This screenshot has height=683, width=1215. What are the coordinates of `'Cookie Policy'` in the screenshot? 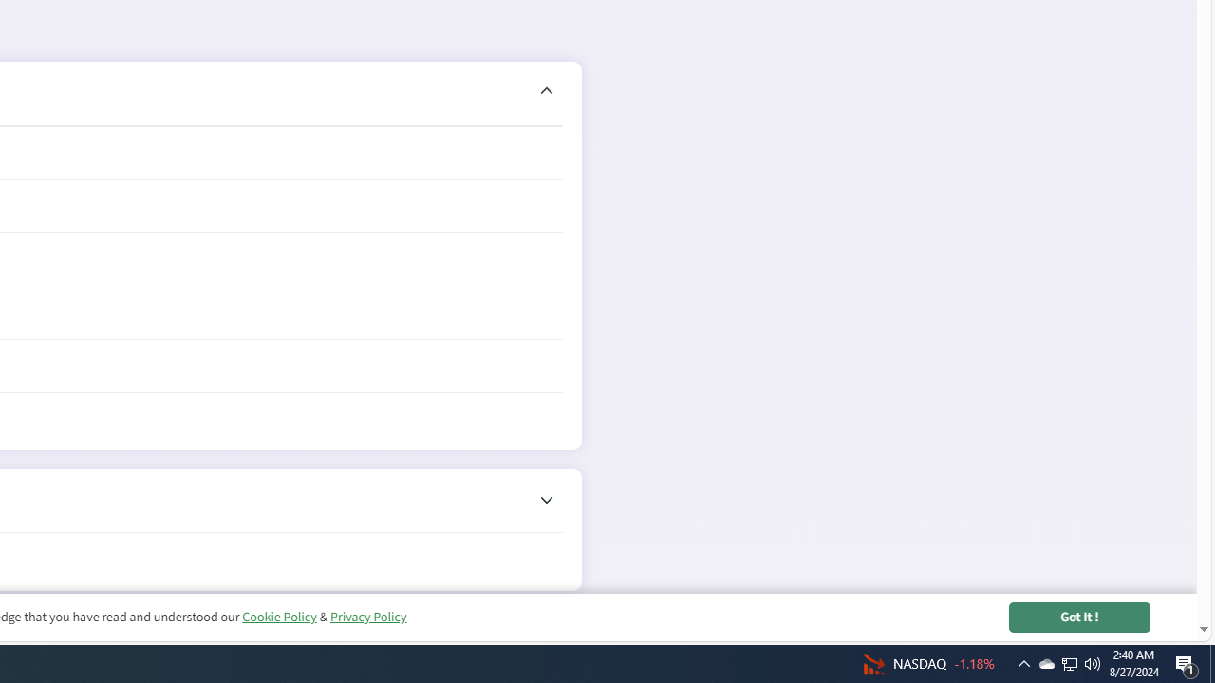 It's located at (278, 617).